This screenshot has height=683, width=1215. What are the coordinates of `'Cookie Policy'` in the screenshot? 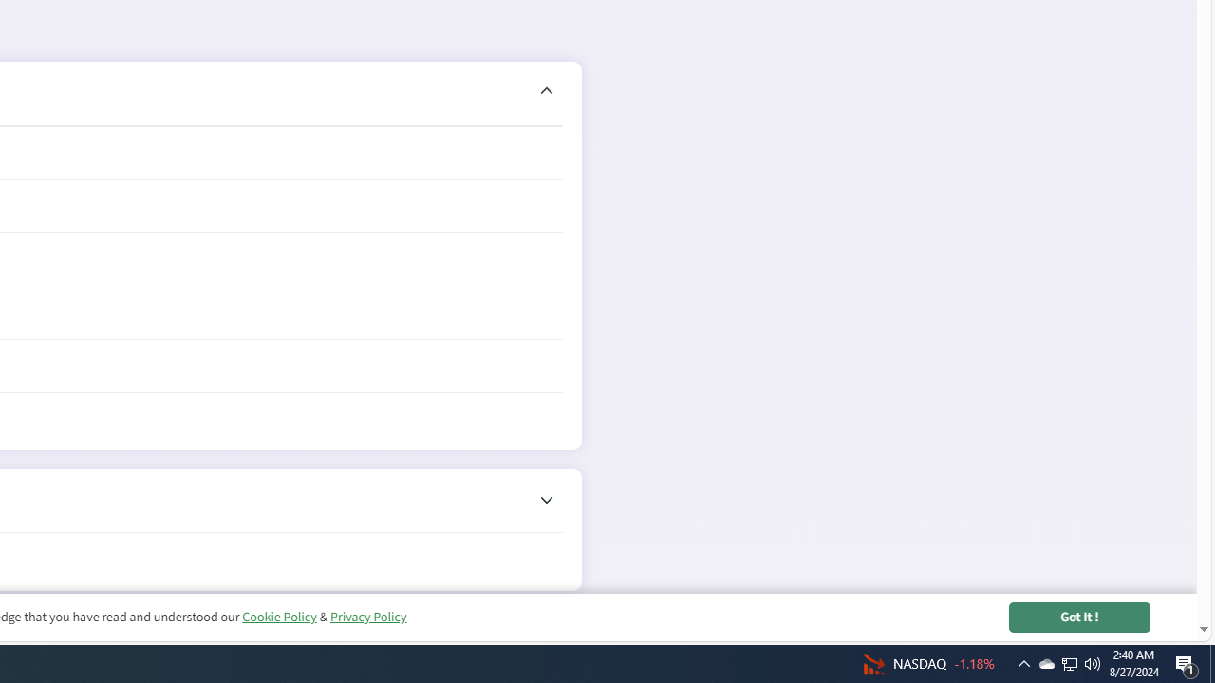 It's located at (278, 617).